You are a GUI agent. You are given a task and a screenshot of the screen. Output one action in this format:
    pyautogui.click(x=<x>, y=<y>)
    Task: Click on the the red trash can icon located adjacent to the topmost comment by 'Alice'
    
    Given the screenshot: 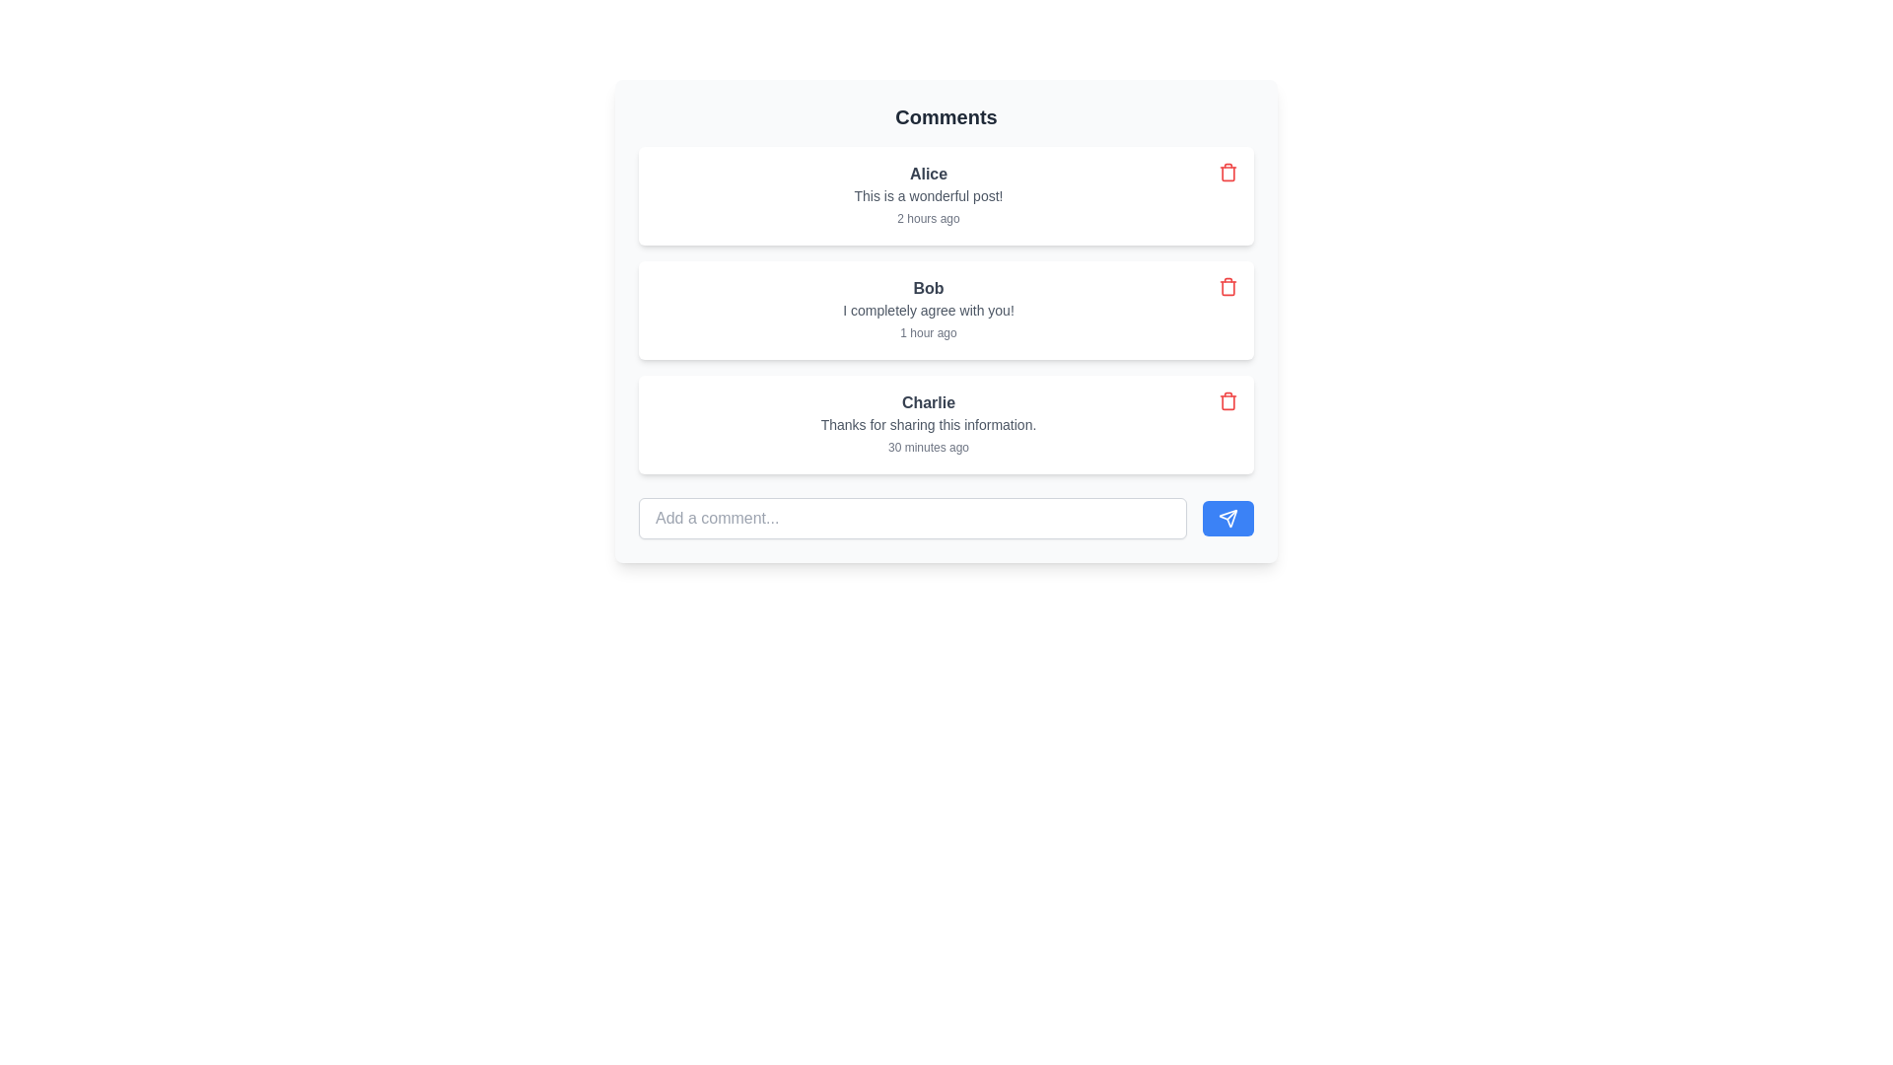 What is the action you would take?
    pyautogui.click(x=1227, y=171)
    